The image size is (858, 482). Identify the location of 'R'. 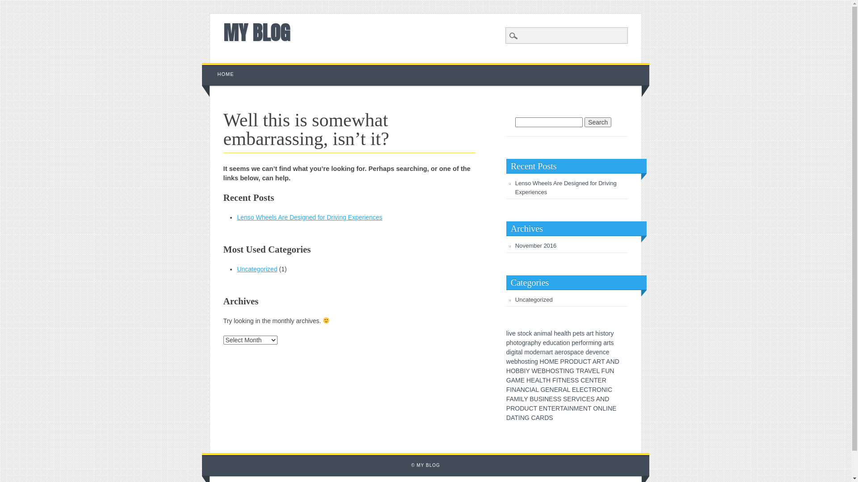
(571, 399).